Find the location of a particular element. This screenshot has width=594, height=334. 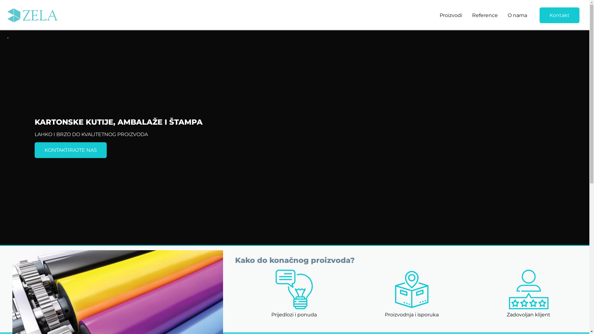

'Reference' is located at coordinates (484, 15).